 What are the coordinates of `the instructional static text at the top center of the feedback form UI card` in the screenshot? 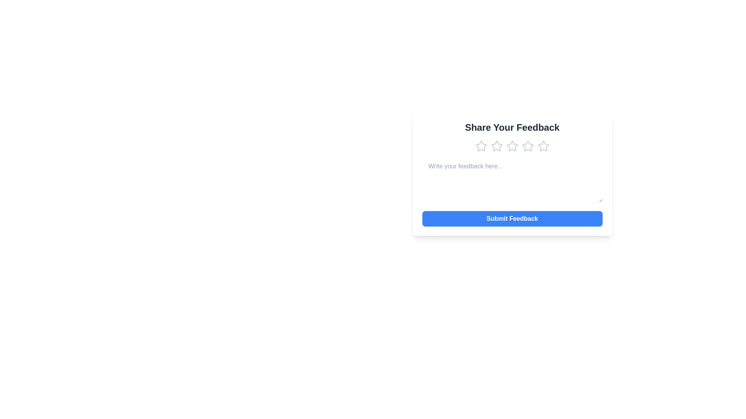 It's located at (512, 127).